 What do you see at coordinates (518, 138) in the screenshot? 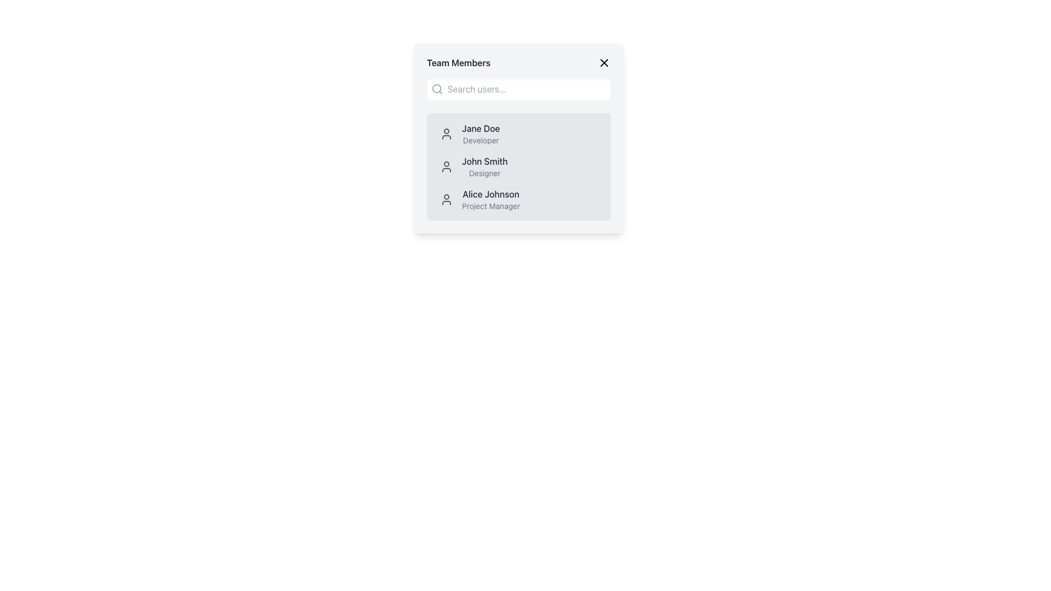
I see `the team members display section located centrally within the modal dialog box, below the 'Team Members' title and the search bar, for potential actions` at bounding box center [518, 138].